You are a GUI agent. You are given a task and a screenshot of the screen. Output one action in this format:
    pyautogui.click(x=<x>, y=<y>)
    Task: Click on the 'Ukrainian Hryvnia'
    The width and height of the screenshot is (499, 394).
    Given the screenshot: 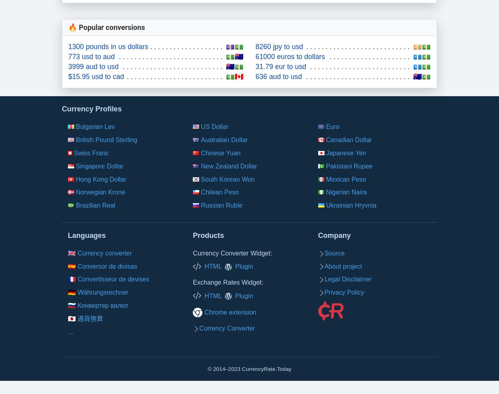 What is the action you would take?
    pyautogui.click(x=351, y=205)
    